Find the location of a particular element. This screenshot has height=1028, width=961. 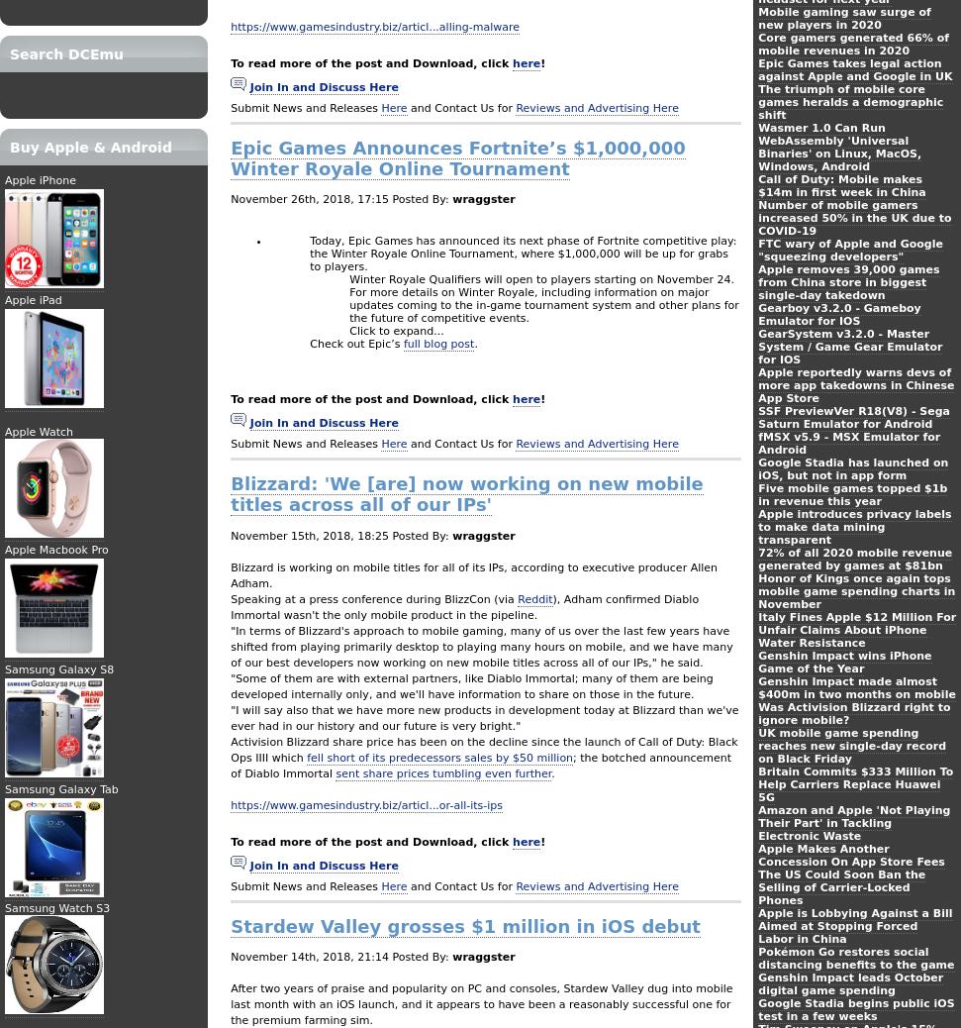

'Britain Commits $333 Million To Help Carriers Replace Huawei 5G' is located at coordinates (855, 784).